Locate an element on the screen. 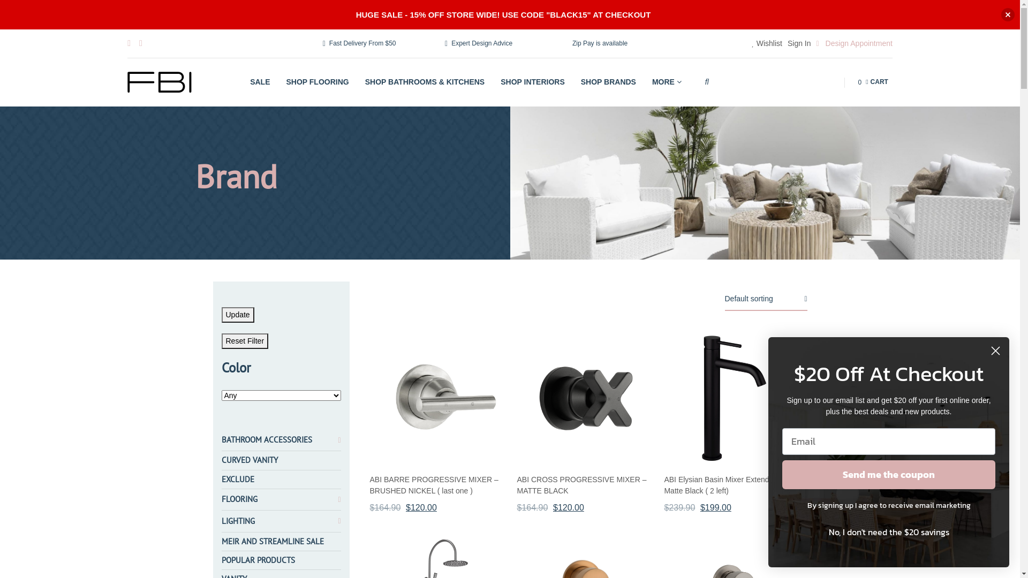  'EXCLUDE' is located at coordinates (237, 478).